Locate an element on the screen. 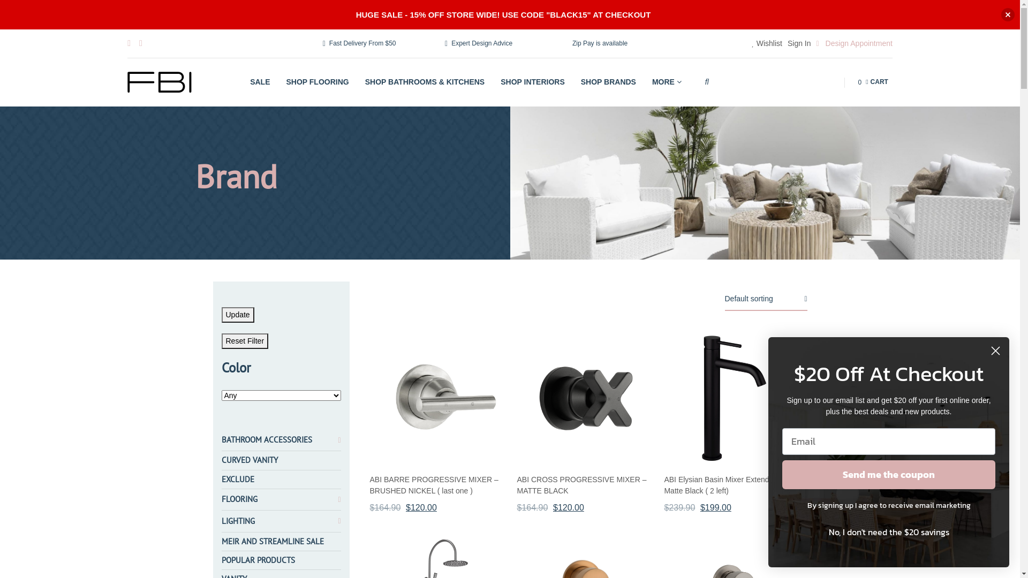  'EXCLUDE' is located at coordinates (237, 478).